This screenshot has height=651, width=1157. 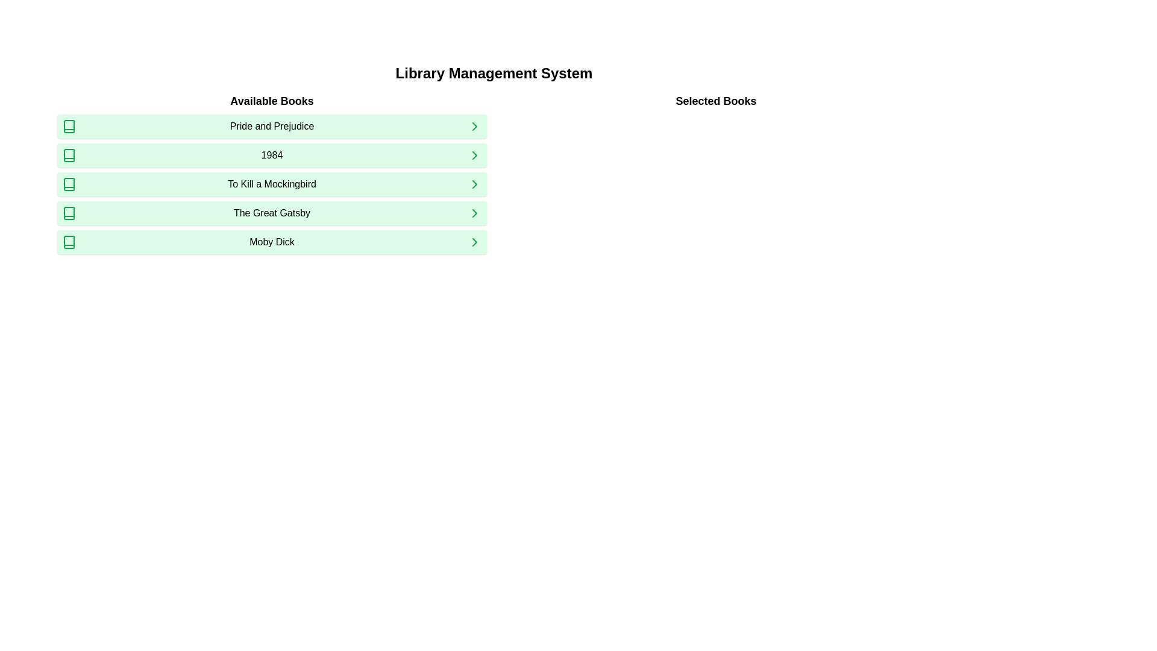 What do you see at coordinates (69, 126) in the screenshot?
I see `the SVG icon resembling a book with a green stroke located next to the text 'Pride and Prejudice' in the 'Available Books' section` at bounding box center [69, 126].